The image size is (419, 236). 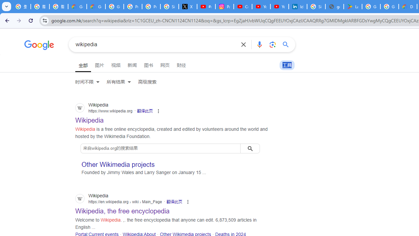 What do you see at coordinates (188, 7) in the screenshot?
I see `'X'` at bounding box center [188, 7].